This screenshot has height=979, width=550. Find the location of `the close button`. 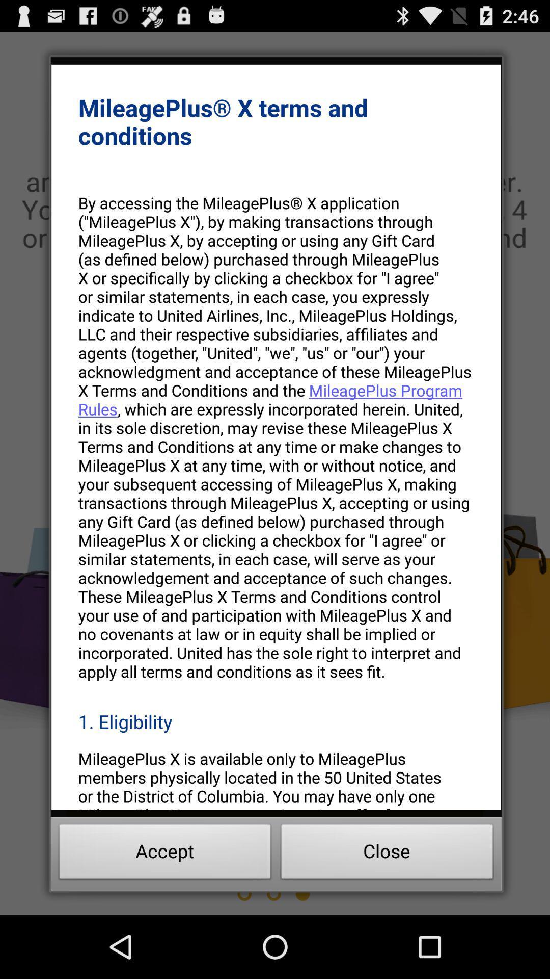

the close button is located at coordinates (387, 854).